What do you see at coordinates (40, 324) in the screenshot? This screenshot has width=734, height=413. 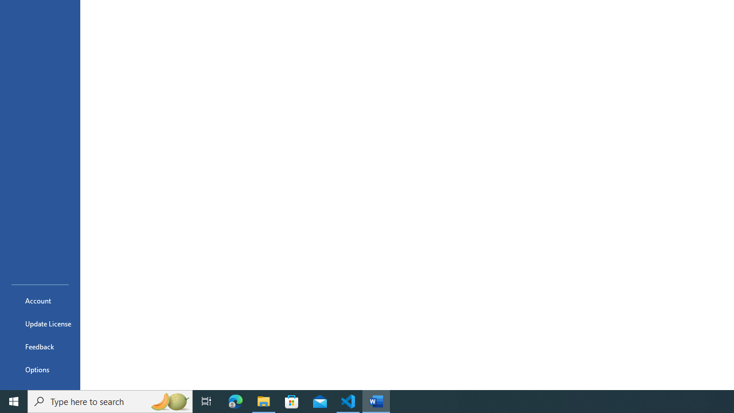 I see `'Update License'` at bounding box center [40, 324].